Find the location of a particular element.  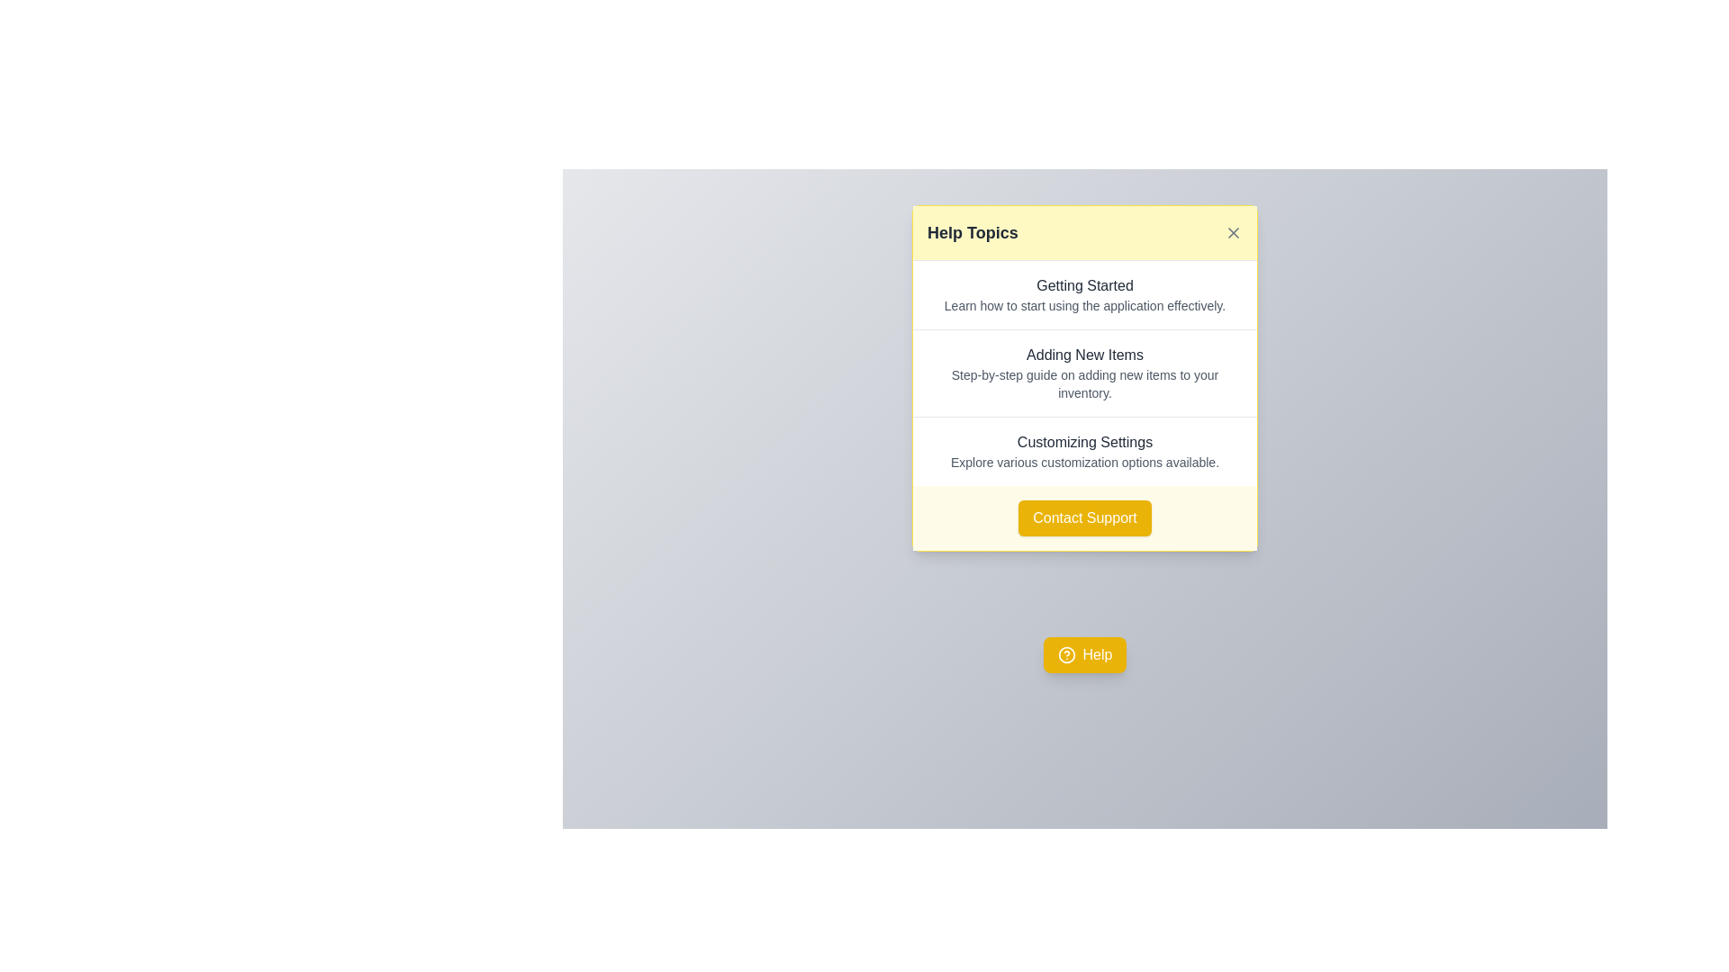

the text providing additional information explaining the content or purpose of the 'Adding New Items' heading, located in the middle of the yellow-highlighted 'Help Topics' section is located at coordinates (1083, 383).